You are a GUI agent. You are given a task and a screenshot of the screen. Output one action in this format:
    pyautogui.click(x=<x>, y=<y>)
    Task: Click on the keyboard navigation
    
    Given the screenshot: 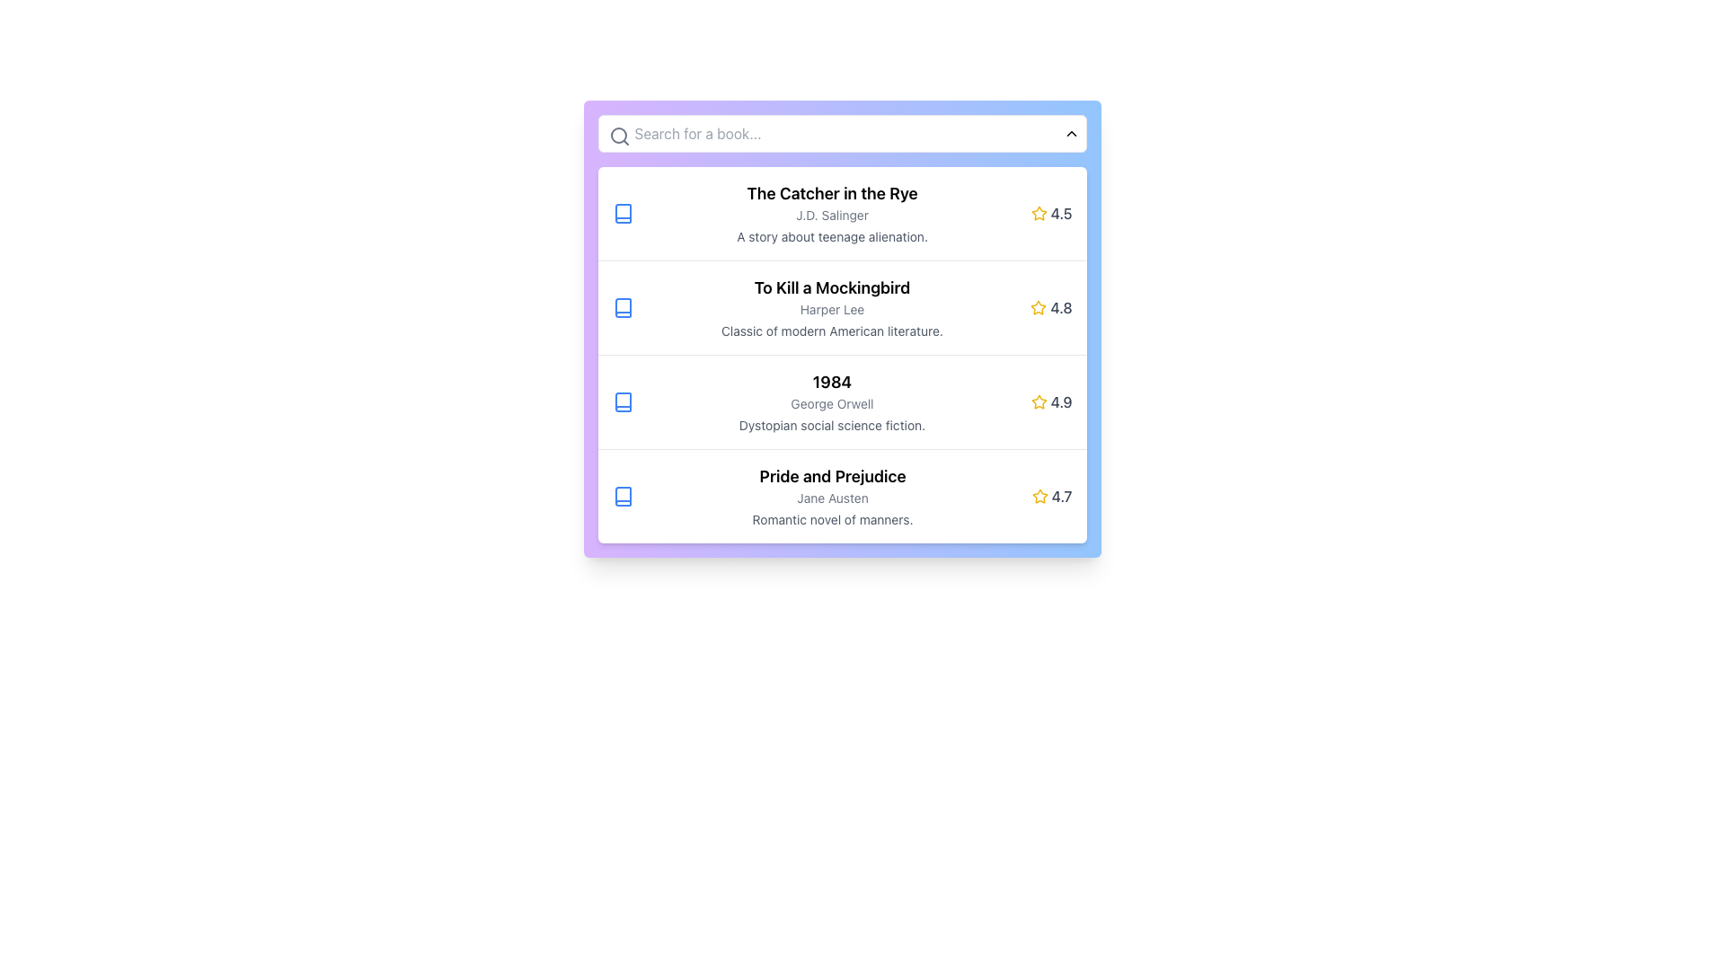 What is the action you would take?
    pyautogui.click(x=623, y=496)
    